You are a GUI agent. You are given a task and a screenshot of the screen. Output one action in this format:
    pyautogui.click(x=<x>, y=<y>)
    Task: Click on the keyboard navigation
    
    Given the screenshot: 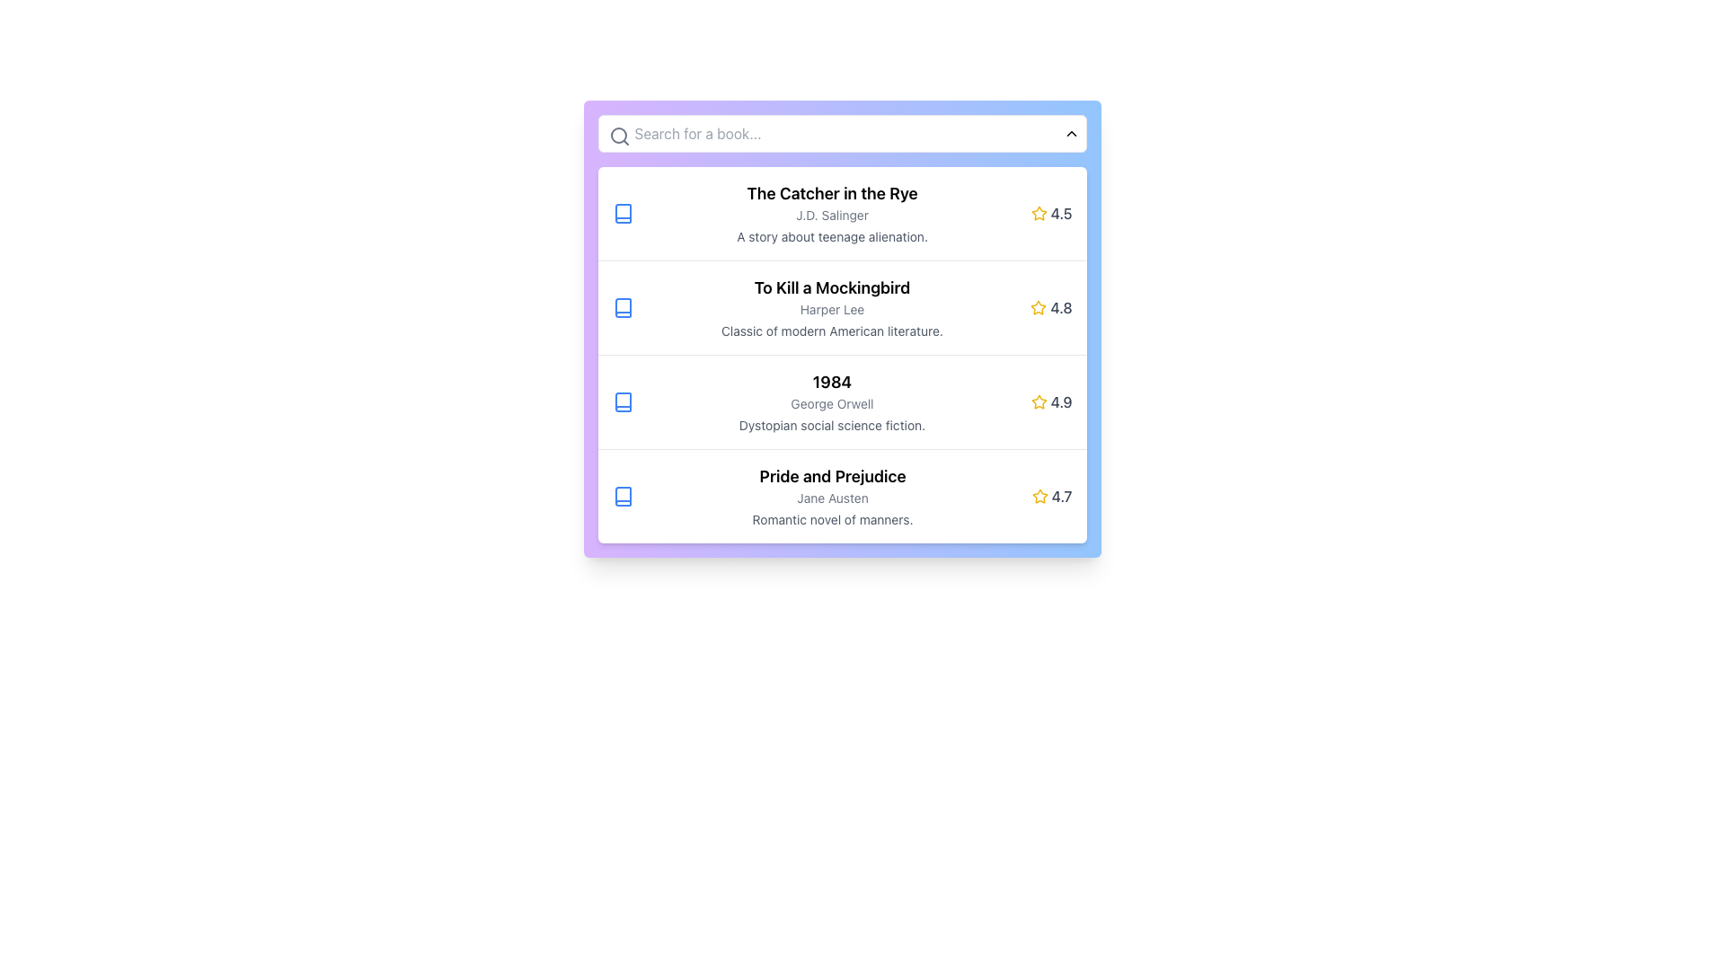 What is the action you would take?
    pyautogui.click(x=623, y=496)
    